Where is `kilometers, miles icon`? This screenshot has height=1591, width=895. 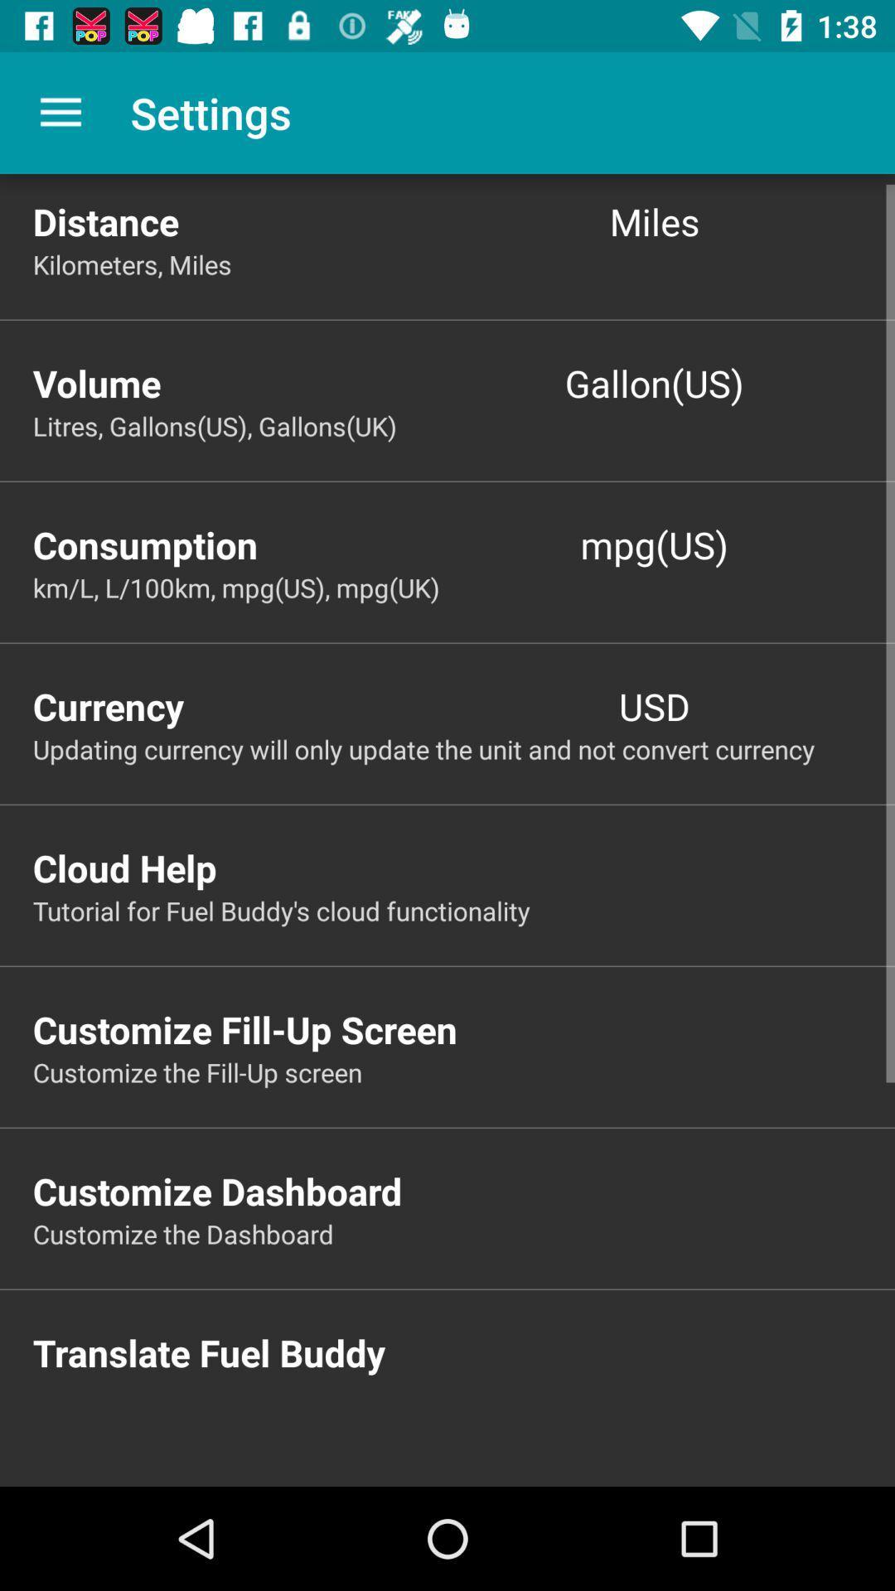 kilometers, miles icon is located at coordinates (463, 264).